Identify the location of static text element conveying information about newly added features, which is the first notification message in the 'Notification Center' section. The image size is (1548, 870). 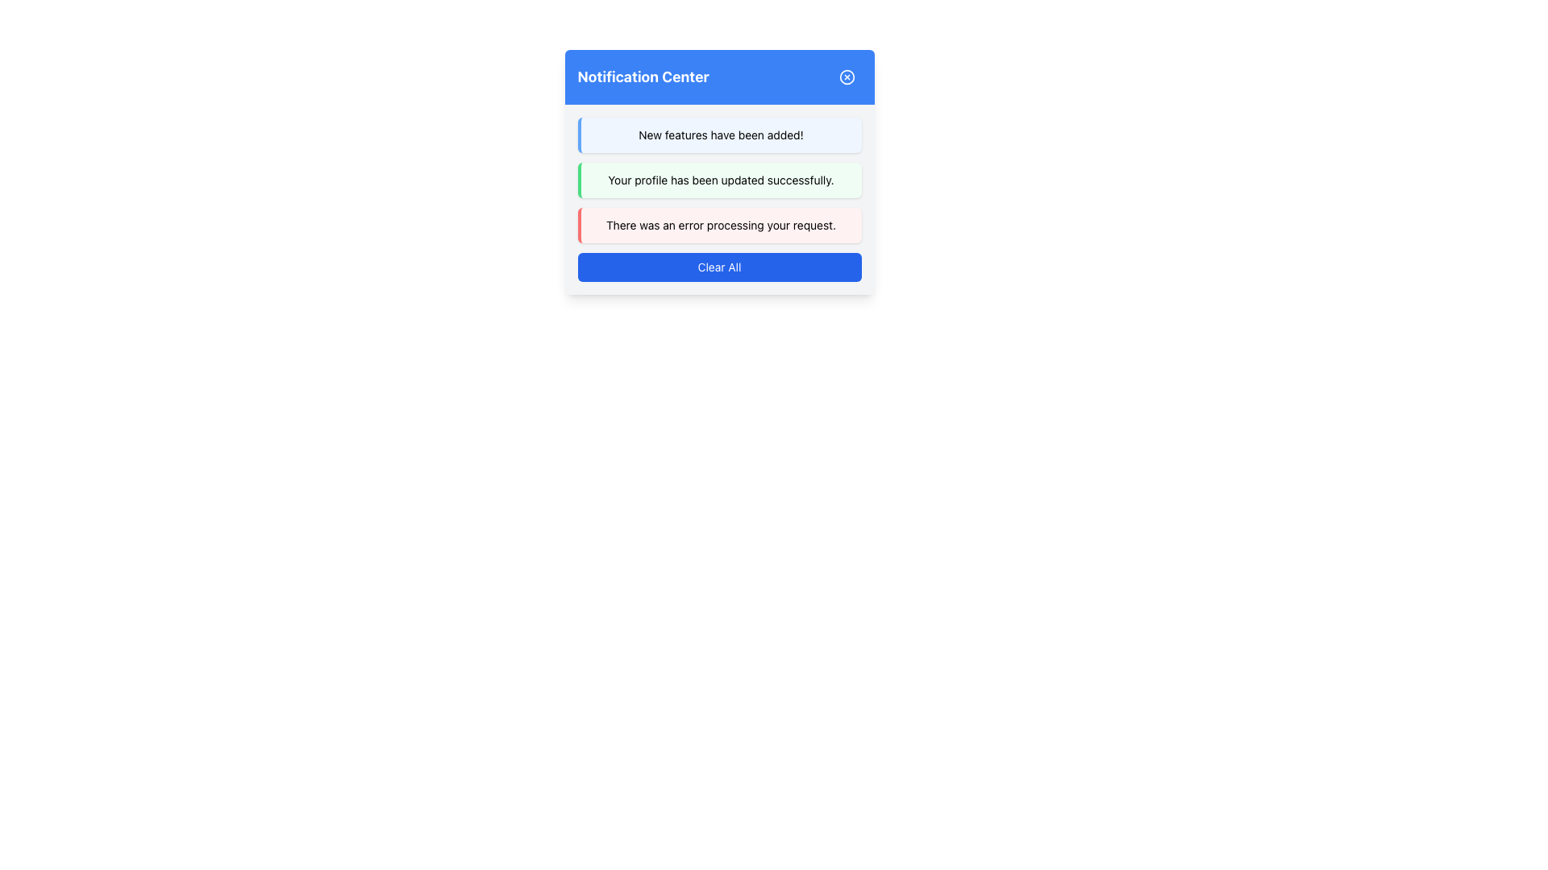
(720, 135).